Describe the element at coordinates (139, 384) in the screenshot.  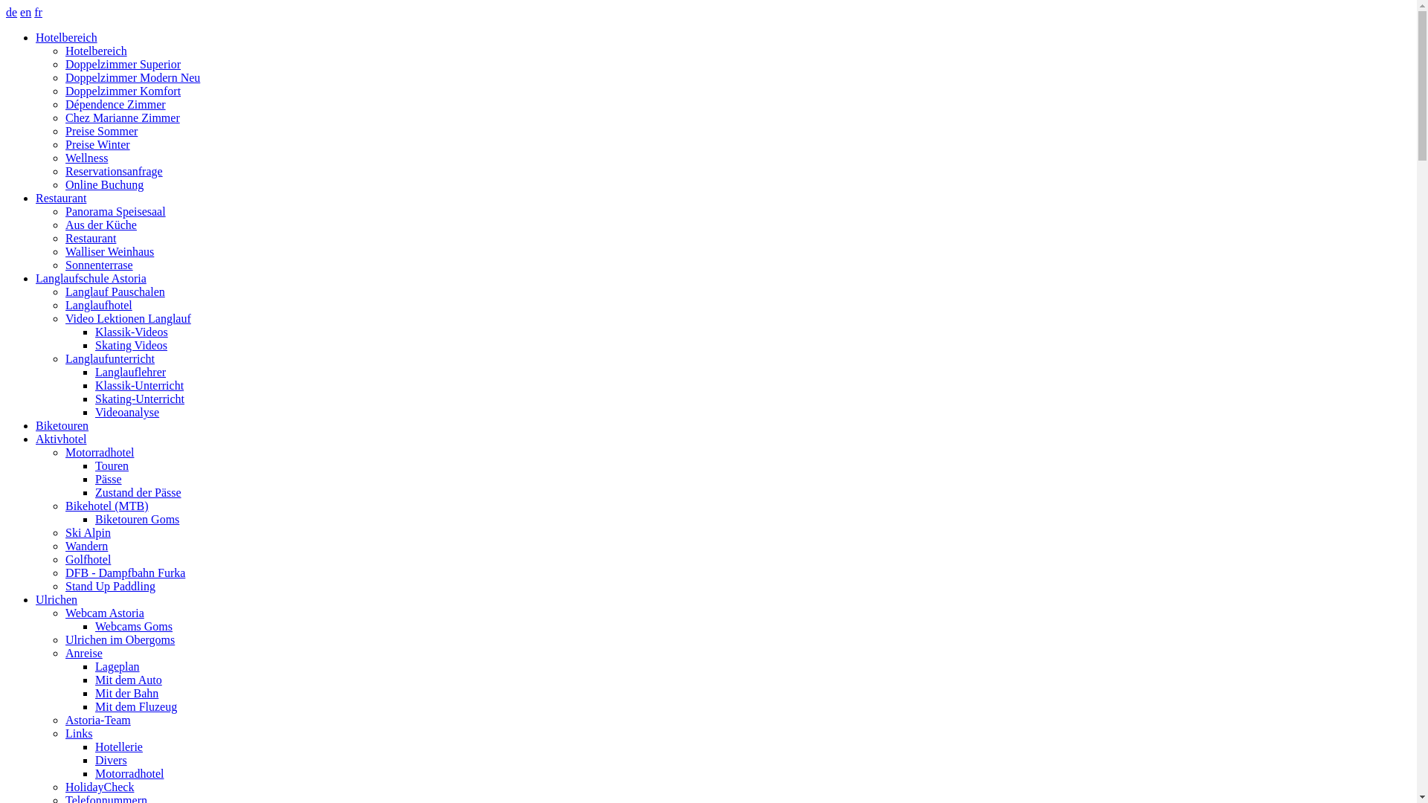
I see `'Klassik-Unterricht'` at that location.